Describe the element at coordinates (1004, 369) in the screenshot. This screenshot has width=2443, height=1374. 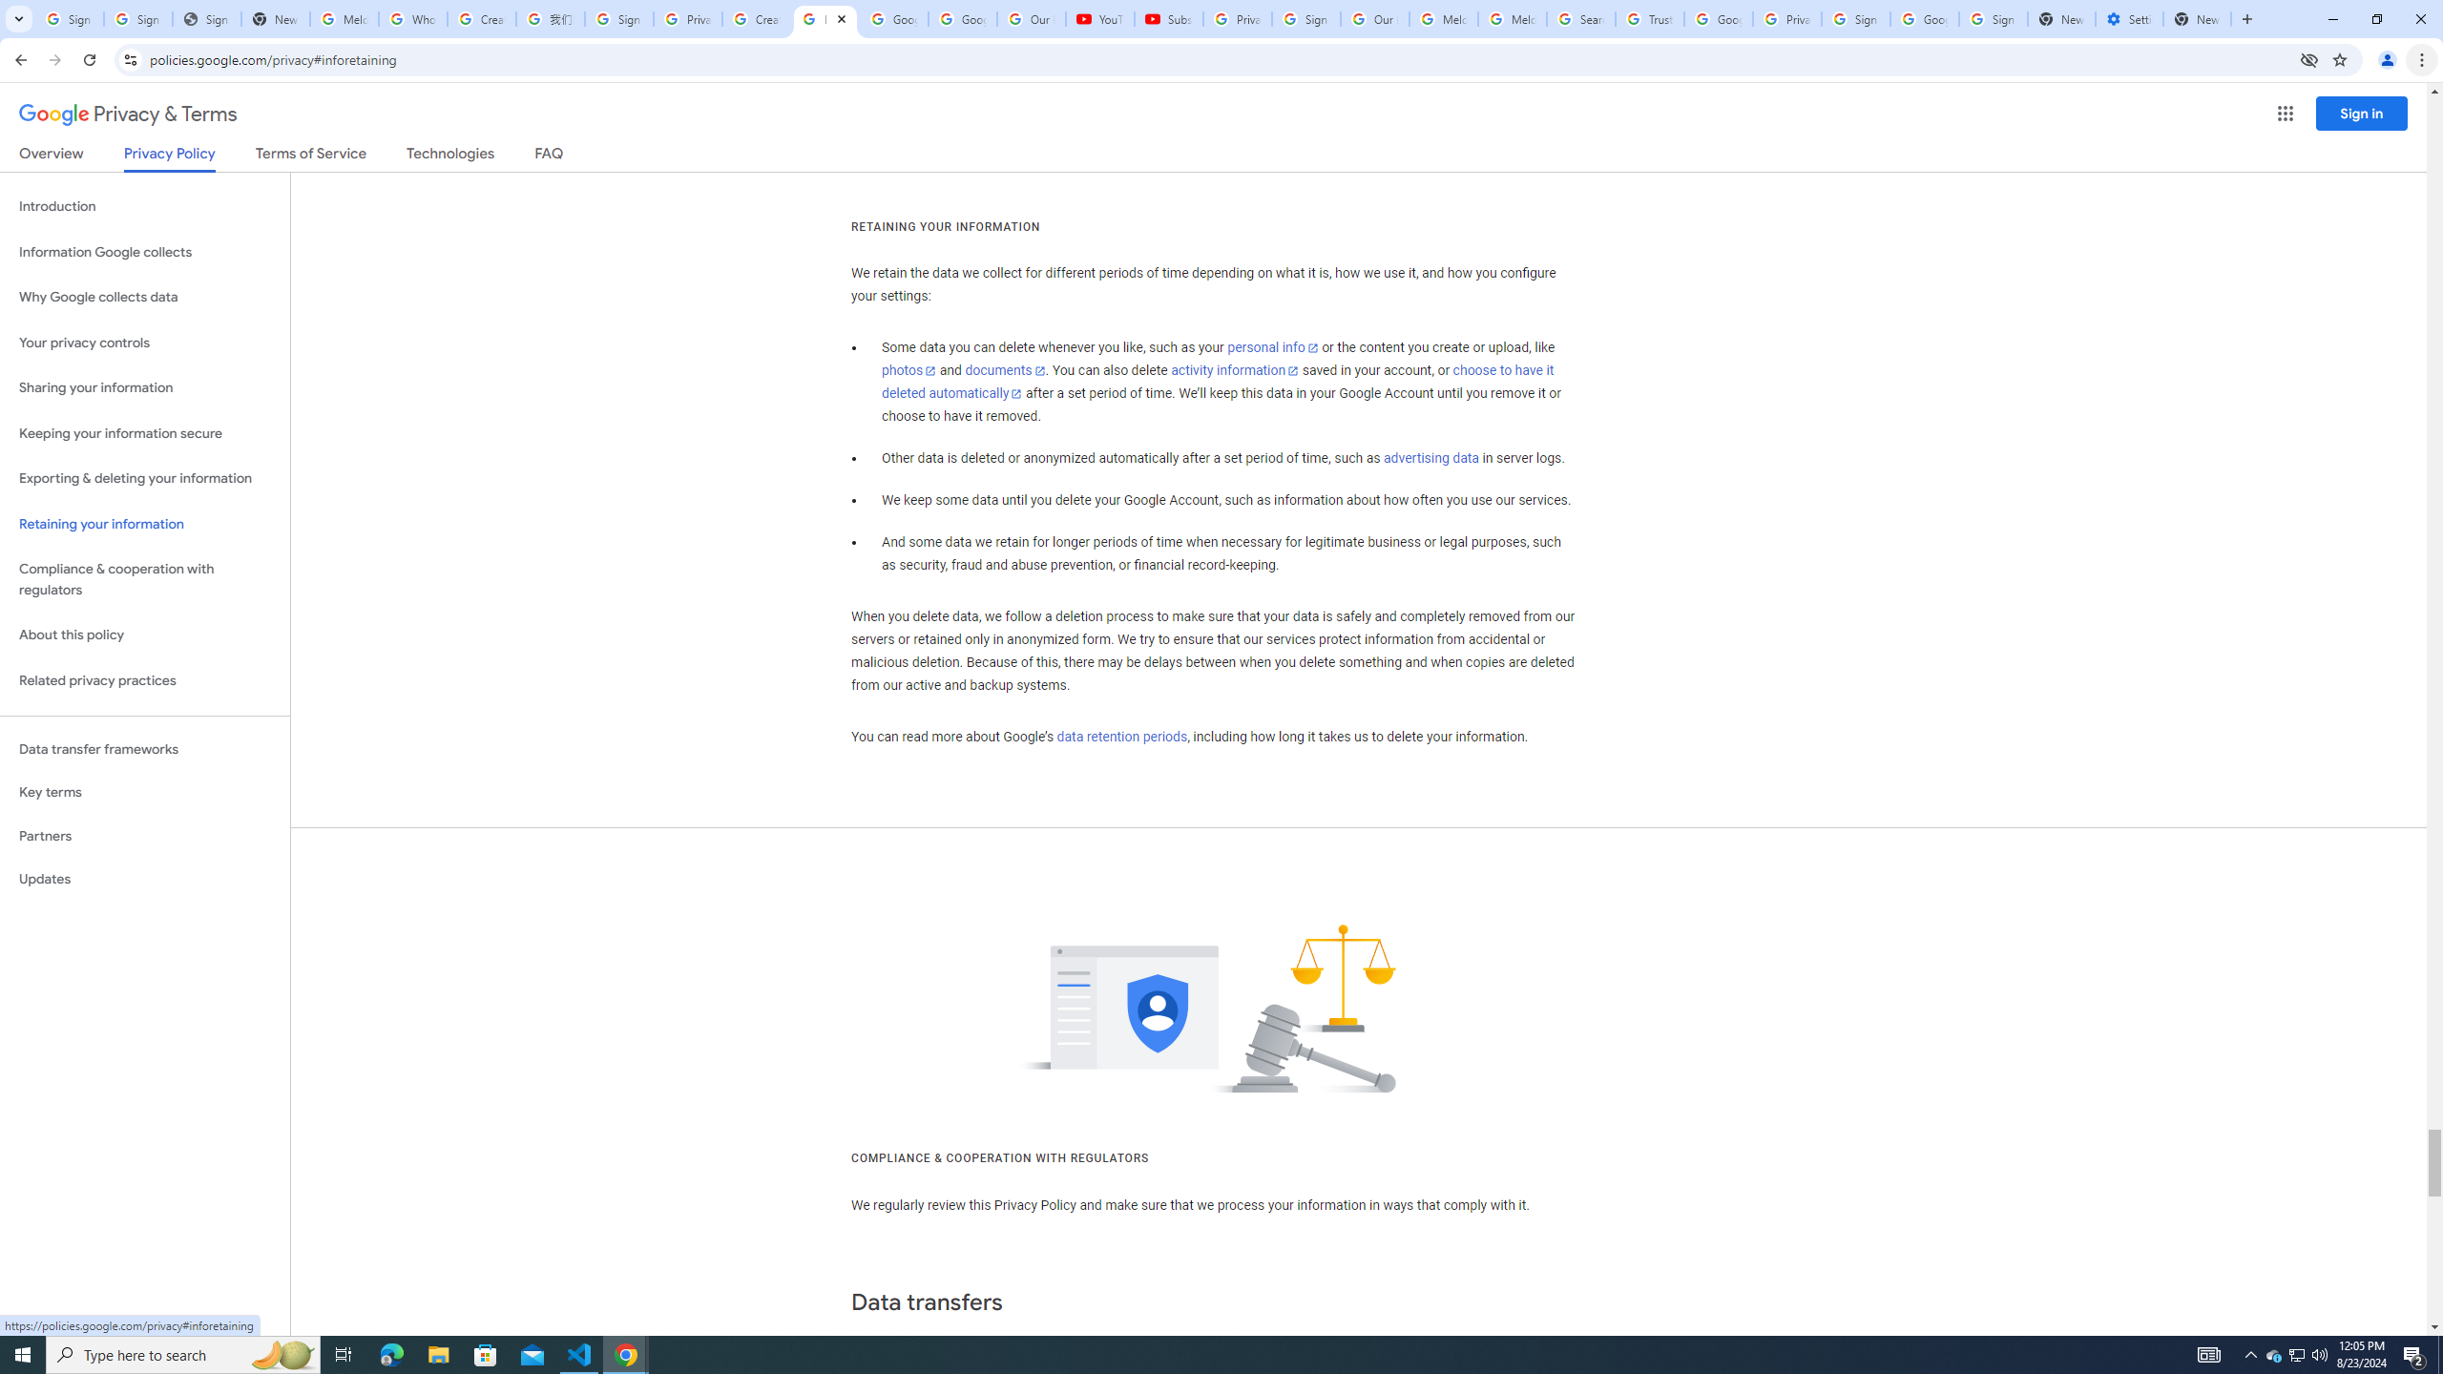
I see `'documents'` at that location.